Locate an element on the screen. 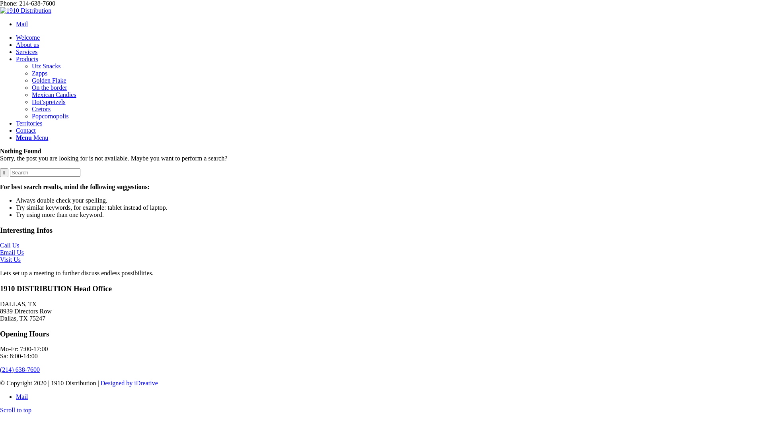  'Welcome' is located at coordinates (28, 37).